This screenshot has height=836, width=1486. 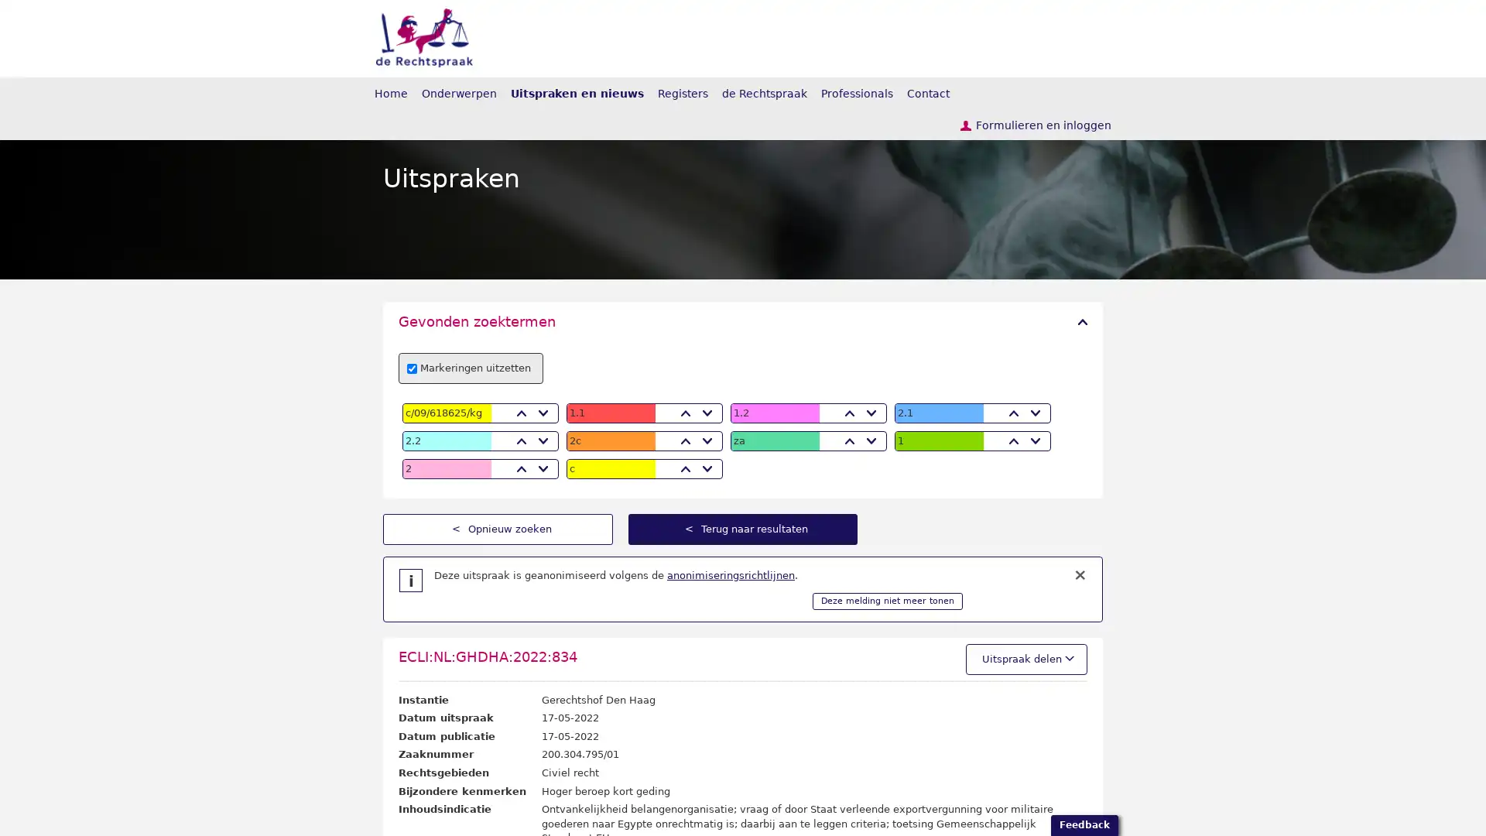 What do you see at coordinates (685, 411) in the screenshot?
I see `Vorige zoek term` at bounding box center [685, 411].